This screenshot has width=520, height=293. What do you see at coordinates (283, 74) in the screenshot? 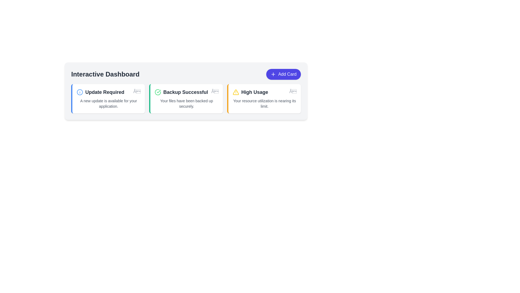
I see `the 'Add New Card' button located on the right-hand side of the interface in the row containing the title 'Interactive Dashboard'` at bounding box center [283, 74].